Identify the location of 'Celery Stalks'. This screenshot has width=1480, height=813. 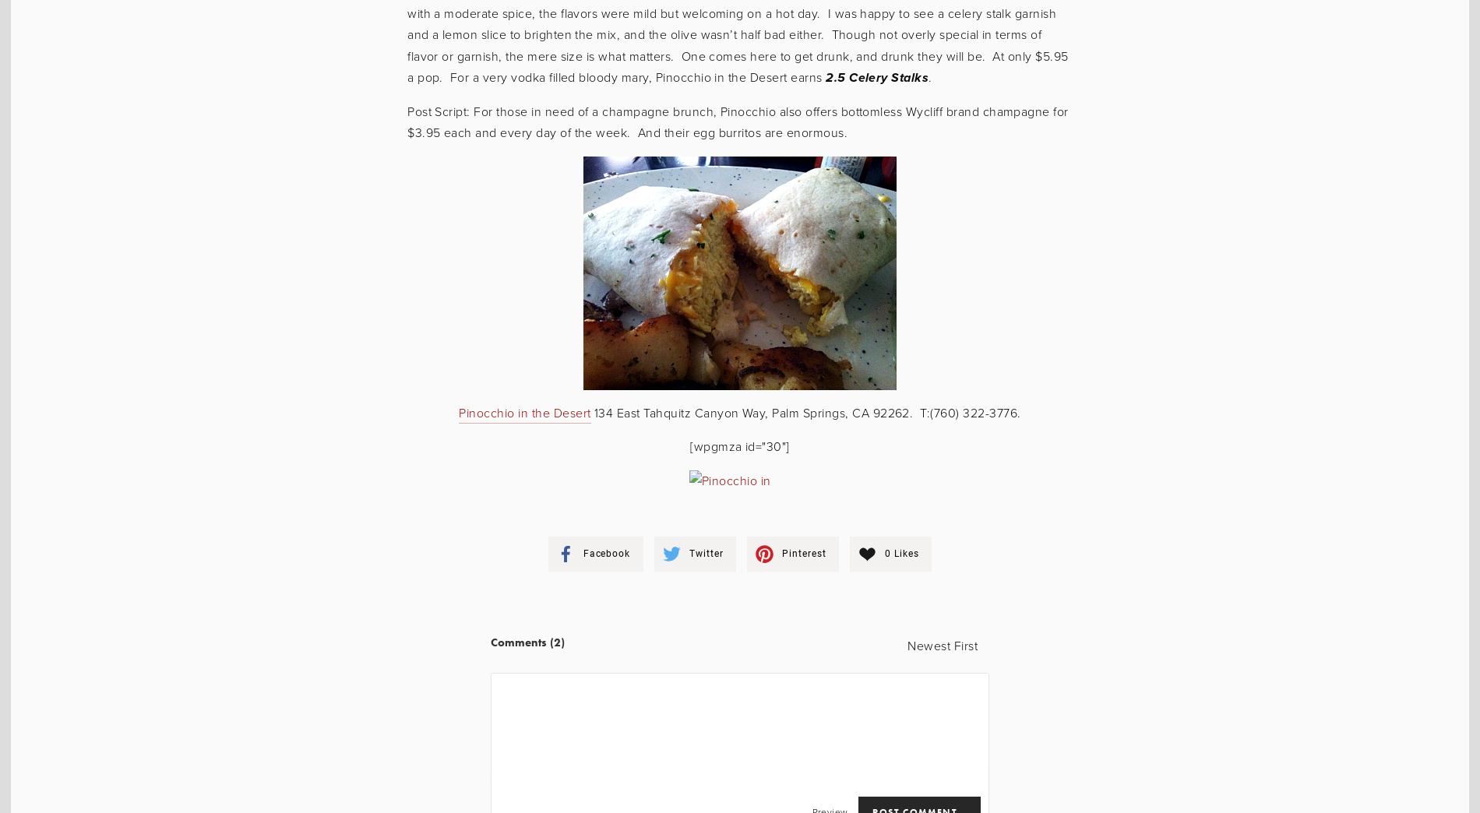
(886, 77).